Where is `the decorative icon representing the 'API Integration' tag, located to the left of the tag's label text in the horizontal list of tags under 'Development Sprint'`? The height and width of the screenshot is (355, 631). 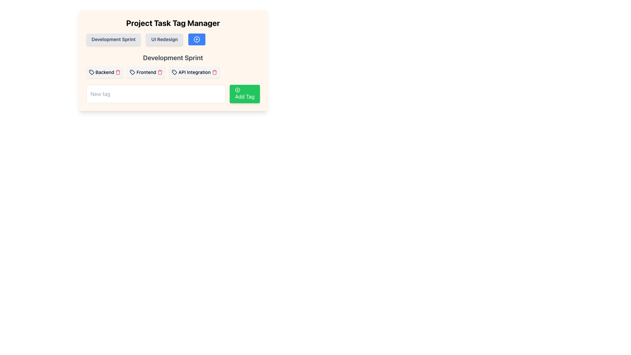 the decorative icon representing the 'API Integration' tag, located to the left of the tag's label text in the horizontal list of tags under 'Development Sprint' is located at coordinates (175, 72).